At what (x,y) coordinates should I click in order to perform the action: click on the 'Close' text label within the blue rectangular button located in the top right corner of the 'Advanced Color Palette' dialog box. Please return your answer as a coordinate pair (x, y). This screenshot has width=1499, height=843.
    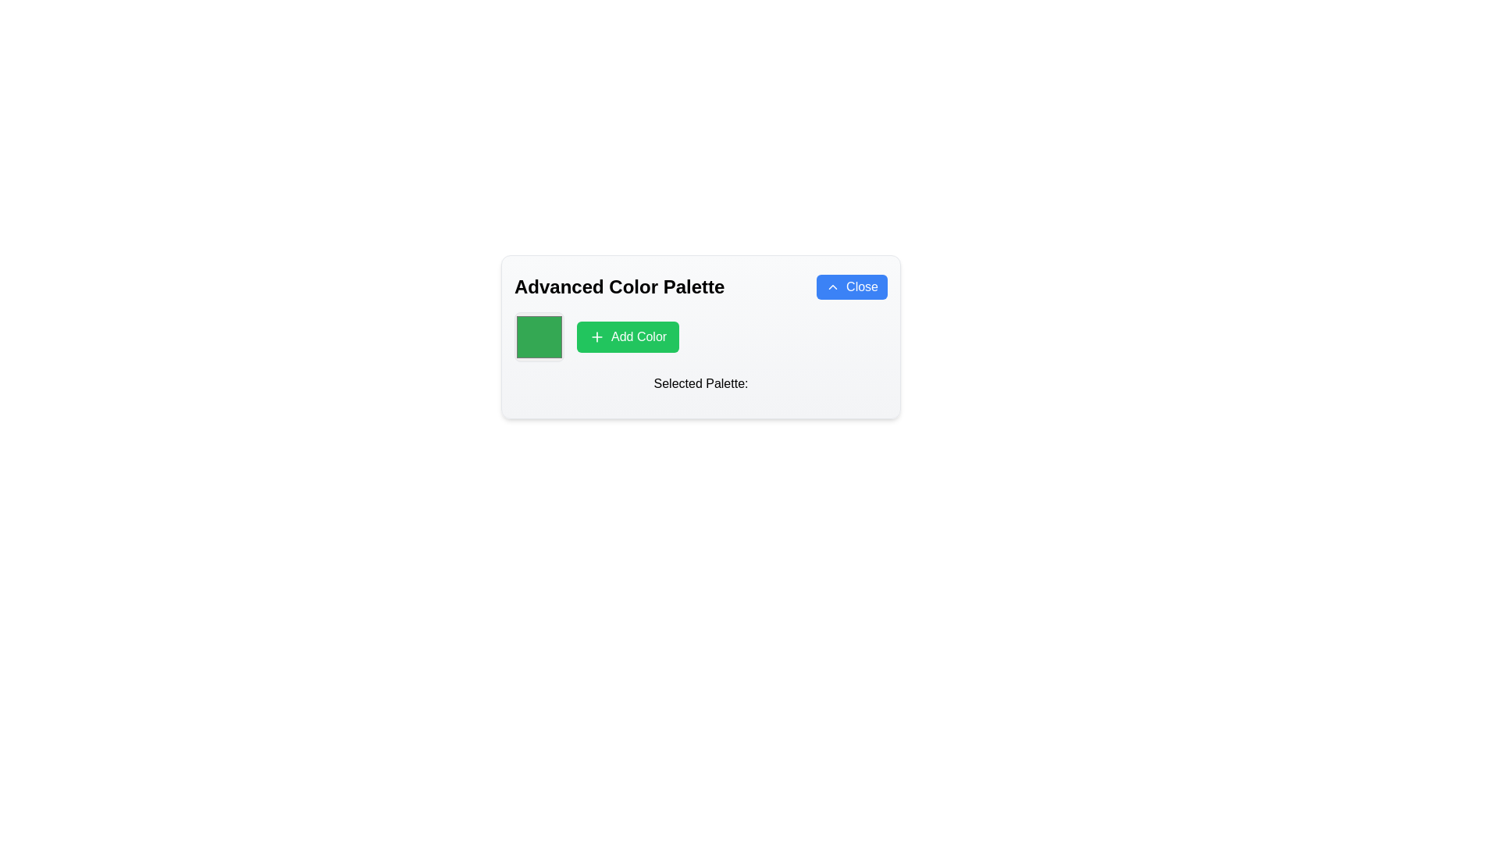
    Looking at the image, I should click on (861, 286).